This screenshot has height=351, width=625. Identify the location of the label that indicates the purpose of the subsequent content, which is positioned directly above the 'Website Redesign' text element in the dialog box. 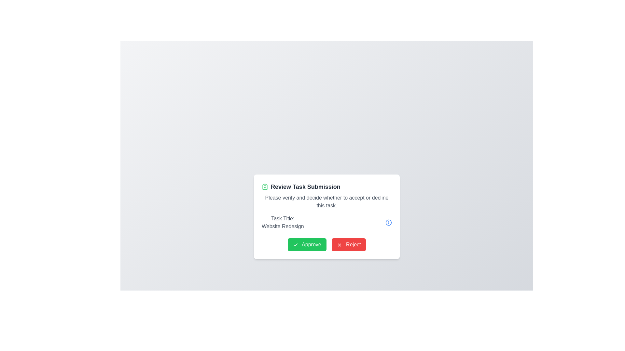
(283, 218).